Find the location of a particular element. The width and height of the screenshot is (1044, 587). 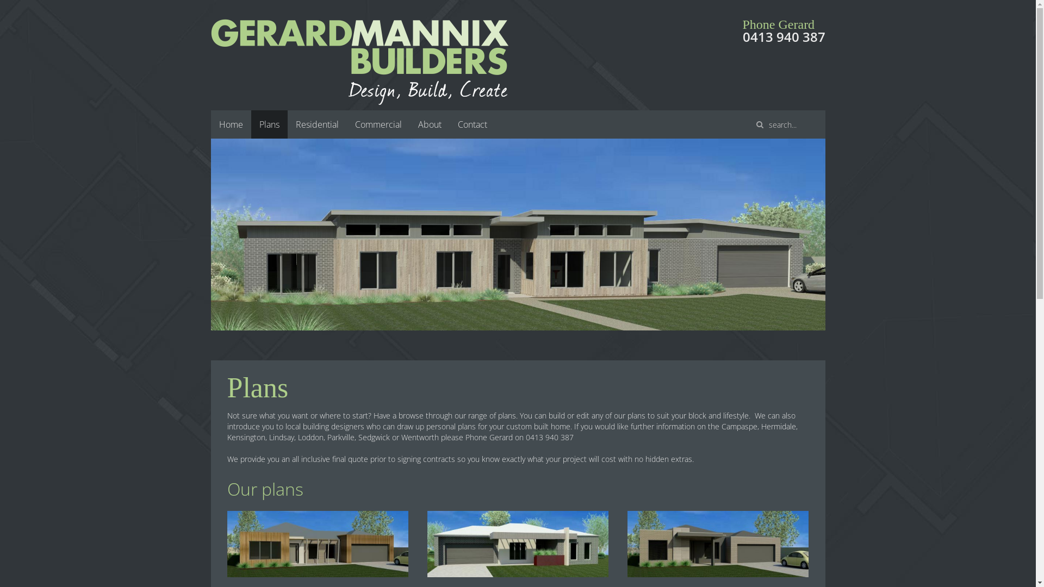

'Plans' is located at coordinates (269, 123).